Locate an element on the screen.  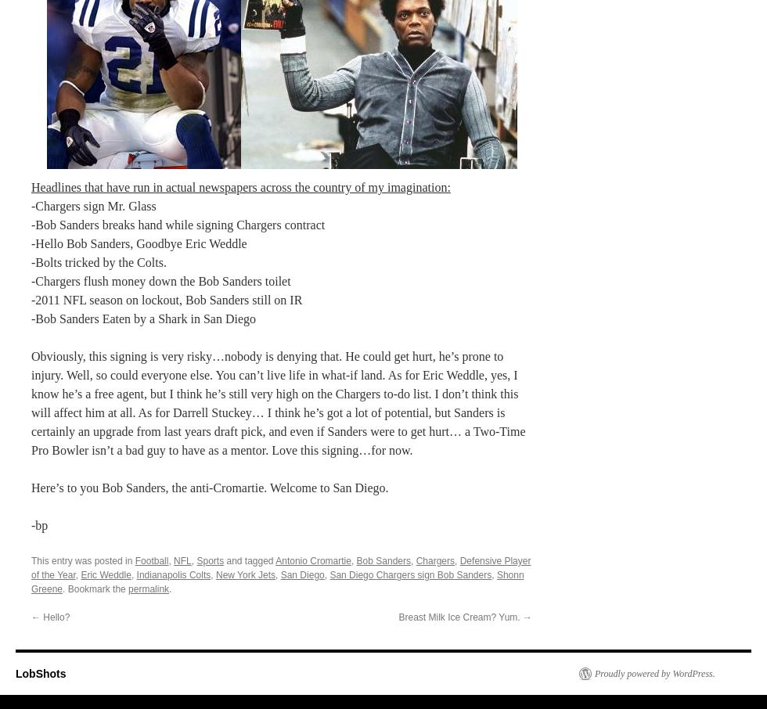
'New York Jets' is located at coordinates (245, 574).